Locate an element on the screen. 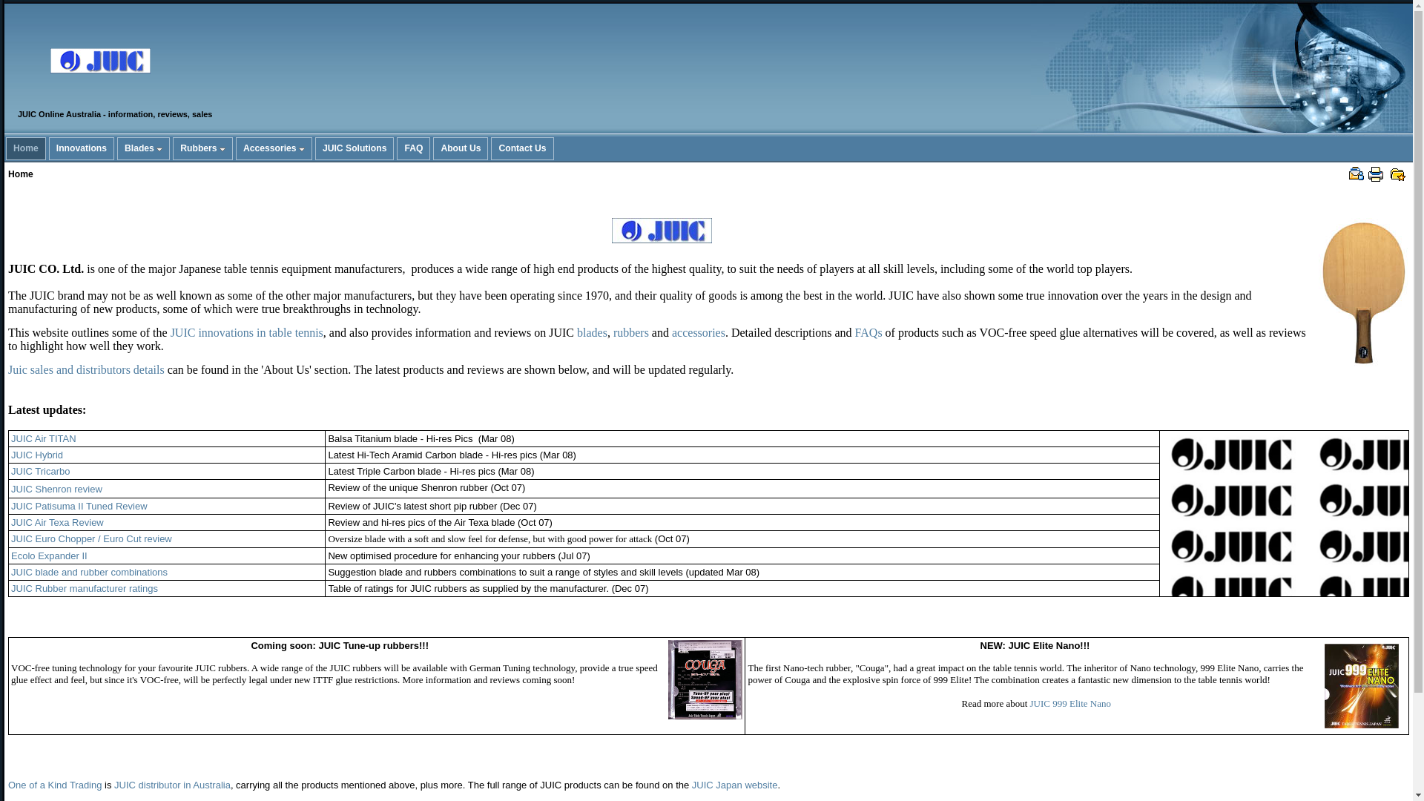  'JUIC innovations in table tennis' is located at coordinates (246, 332).